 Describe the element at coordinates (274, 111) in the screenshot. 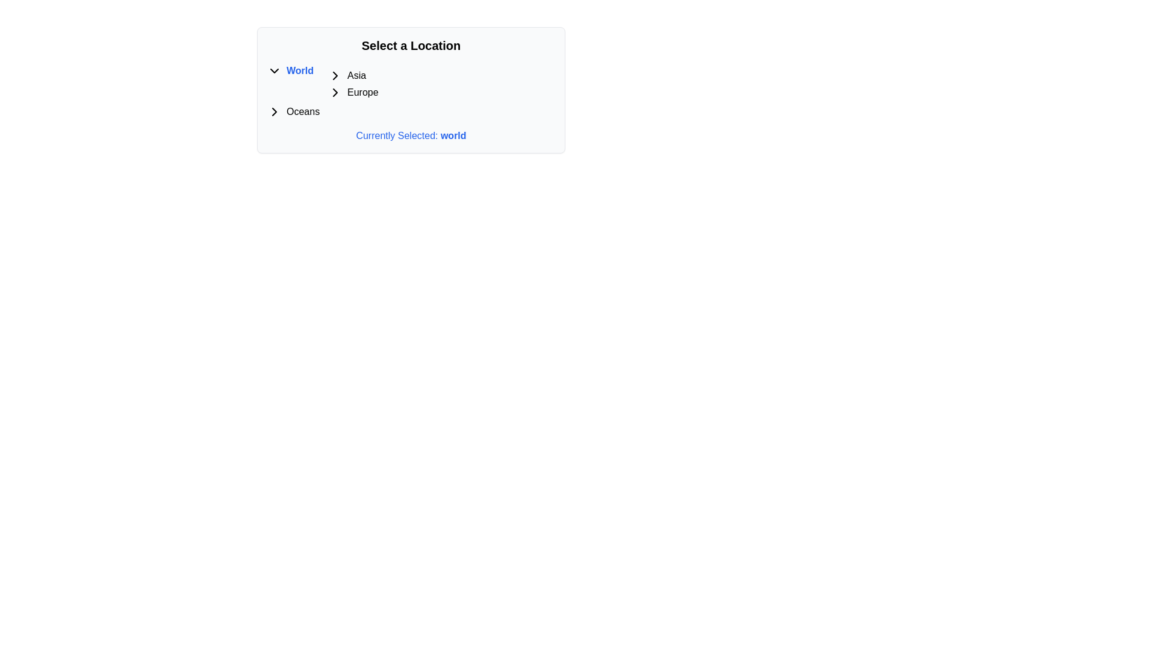

I see `the navigational button for 'Oceans'` at that location.